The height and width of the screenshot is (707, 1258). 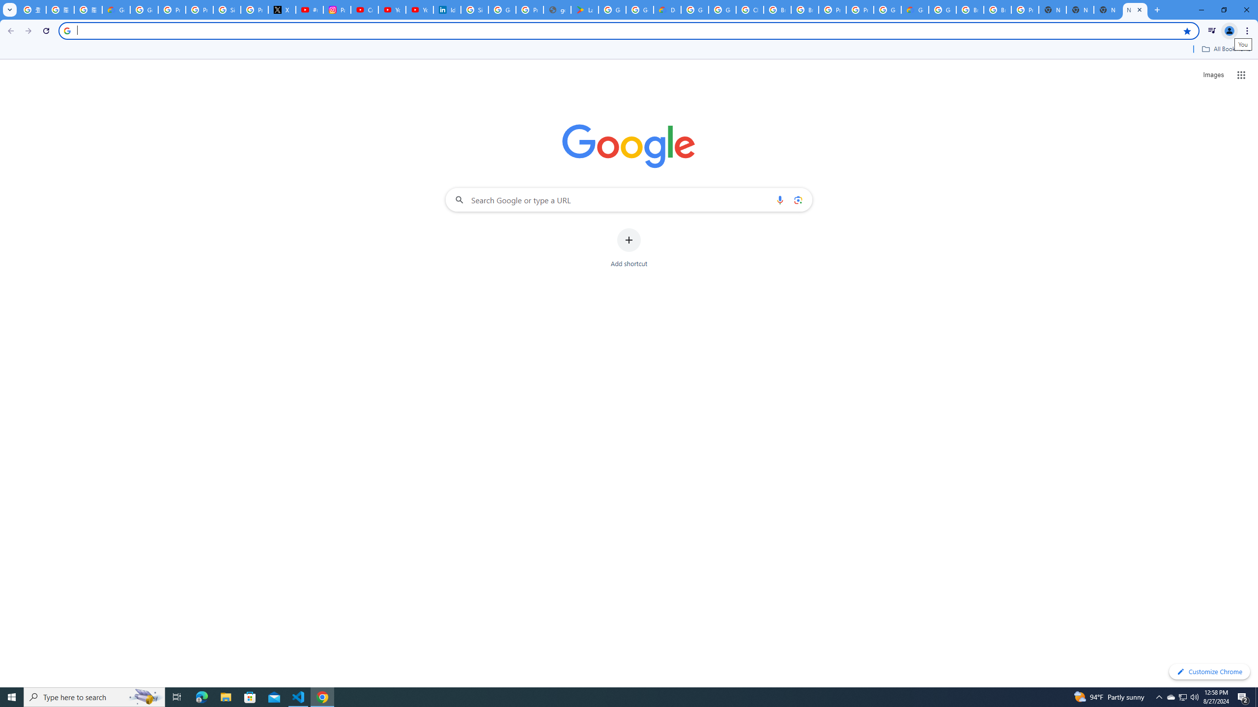 I want to click on 'Control your music, videos, and more', so click(x=1212, y=30).